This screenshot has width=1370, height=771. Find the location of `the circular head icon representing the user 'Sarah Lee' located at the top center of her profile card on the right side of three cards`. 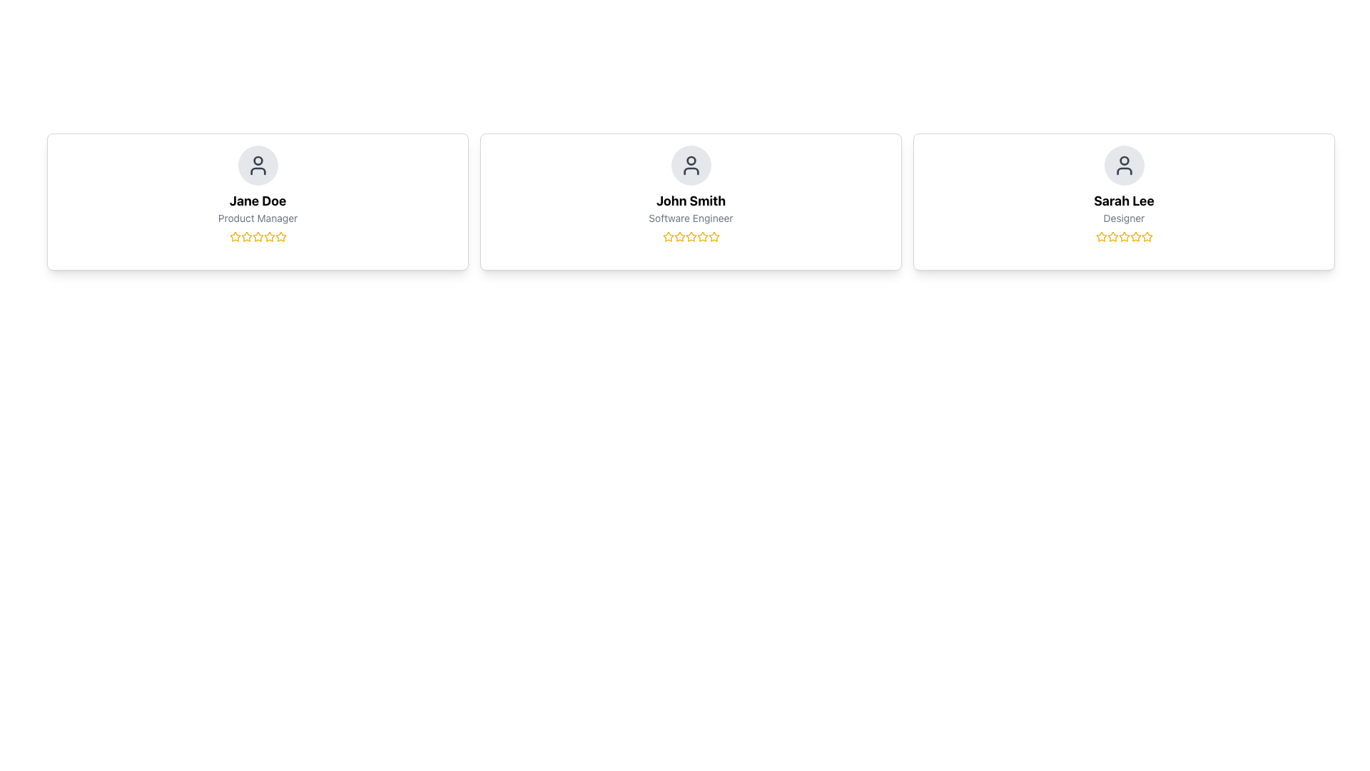

the circular head icon representing the user 'Sarah Lee' located at the top center of her profile card on the right side of three cards is located at coordinates (1123, 161).